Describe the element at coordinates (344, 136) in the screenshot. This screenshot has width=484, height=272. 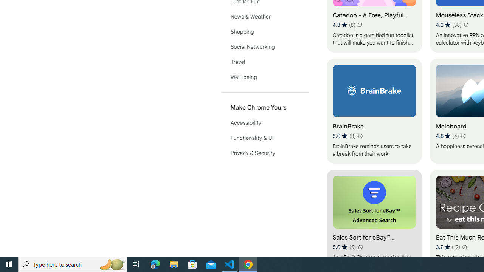
I see `'Average rating 5 out of 5 stars. 3 ratings.'` at that location.